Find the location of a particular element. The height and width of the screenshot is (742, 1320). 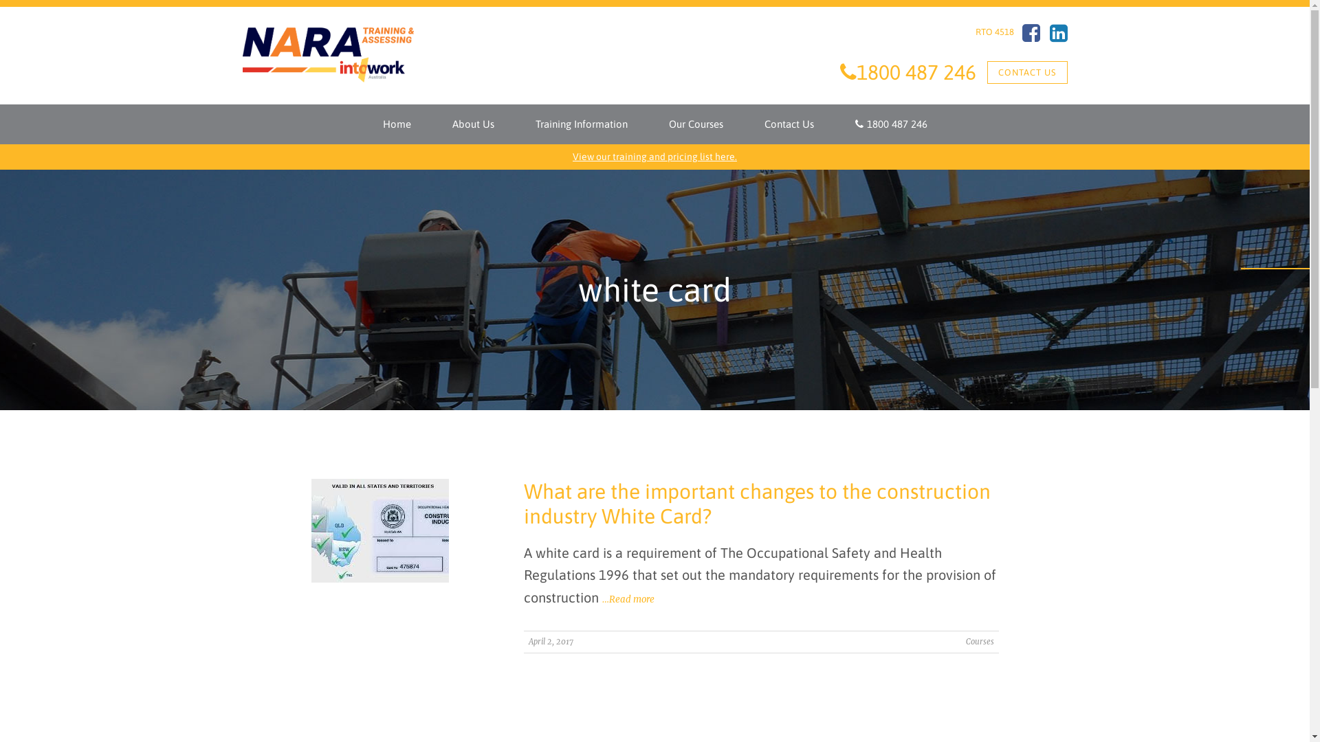

'1800 487 246' is located at coordinates (891, 124).